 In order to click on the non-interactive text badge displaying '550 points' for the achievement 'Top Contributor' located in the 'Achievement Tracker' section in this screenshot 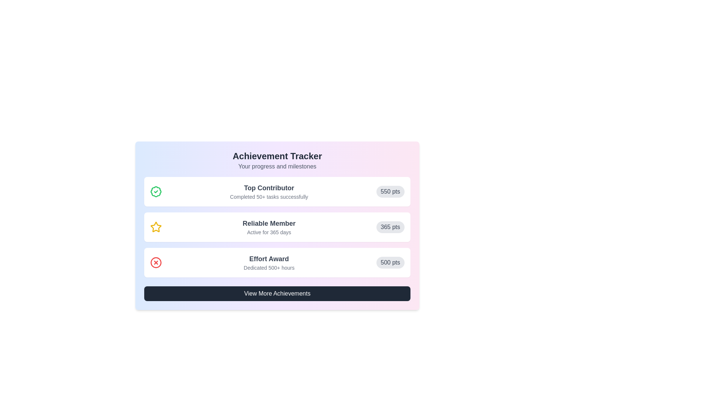, I will do `click(390, 191)`.